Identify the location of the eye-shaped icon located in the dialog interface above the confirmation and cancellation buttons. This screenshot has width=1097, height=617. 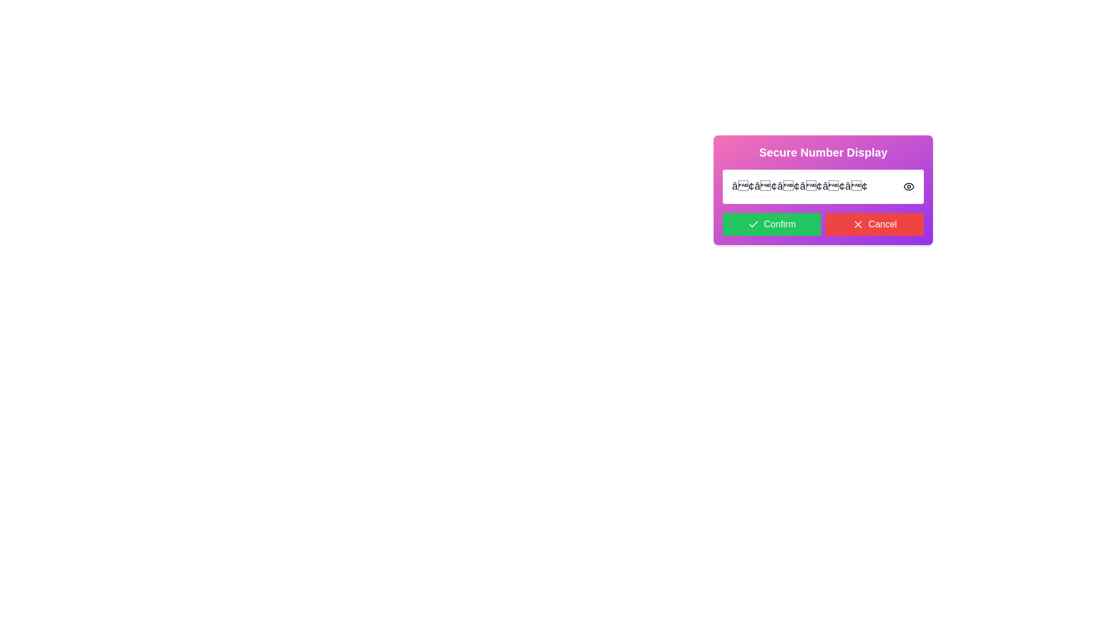
(908, 186).